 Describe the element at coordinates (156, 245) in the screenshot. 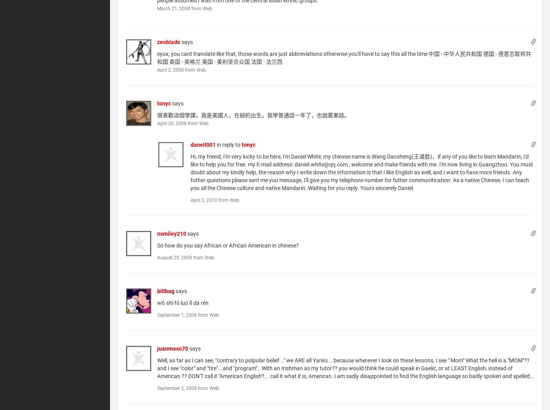

I see `'So how do you say African or African American in chinese?'` at that location.